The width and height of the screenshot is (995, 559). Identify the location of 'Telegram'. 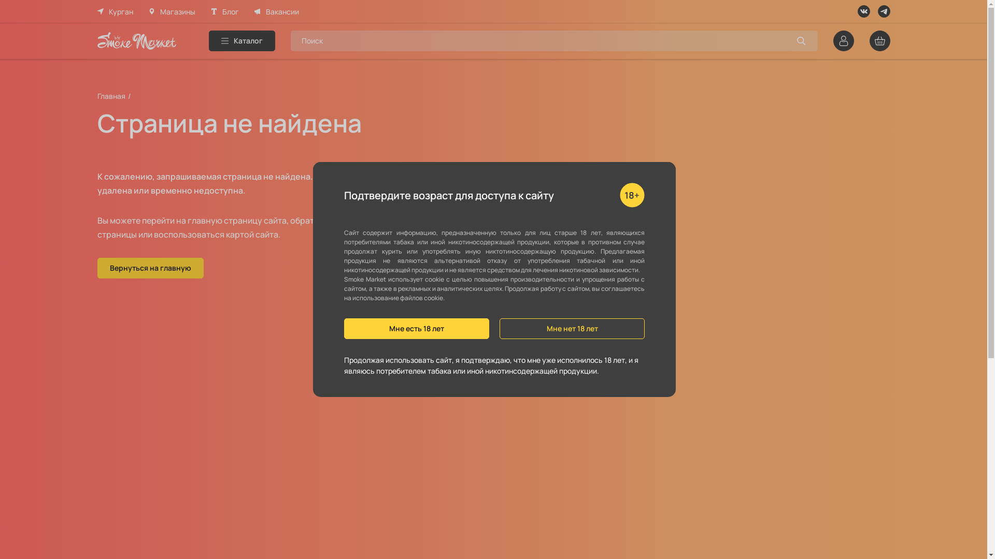
(877, 11).